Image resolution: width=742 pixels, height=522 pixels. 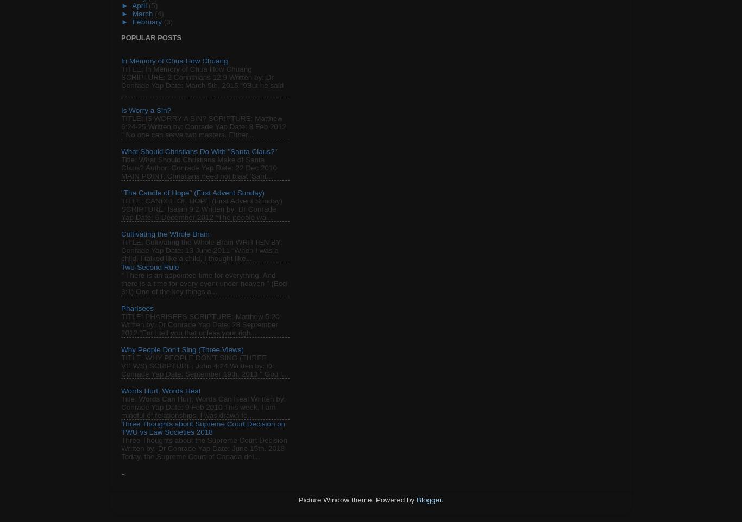 I want to click on 'TITLE: PHARISEES  SCRIPTURE: Matthew 5:20  Written by: Dr Conrade Yap  Date: 28 September 2012    "For I tell you that unless your righ...', so click(x=199, y=324).